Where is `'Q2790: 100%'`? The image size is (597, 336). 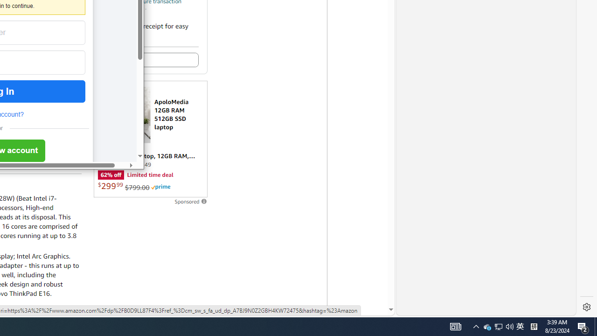
'Q2790: 100%' is located at coordinates (509, 326).